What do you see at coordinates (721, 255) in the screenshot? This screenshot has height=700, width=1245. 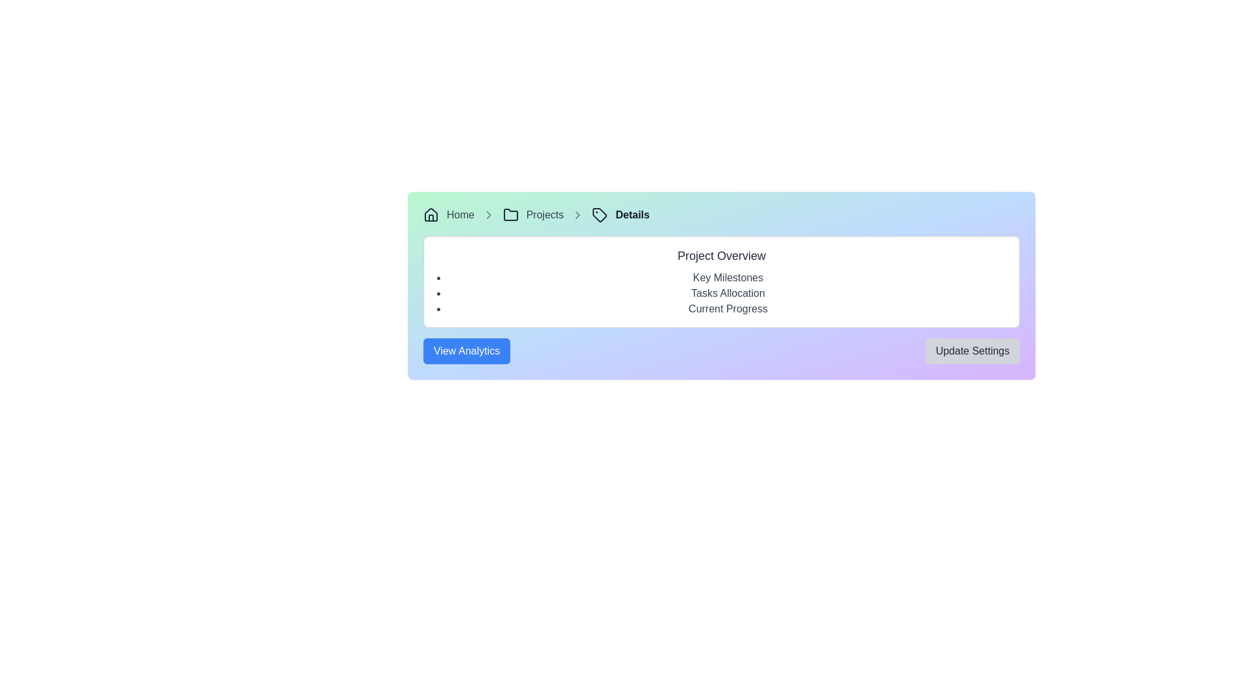 I see `the title heading indicating the 'Project Overview' section, which is centrally positioned and located above 'Key Milestones,' 'Tasks Allocation,' and 'Current Progress.'` at bounding box center [721, 255].